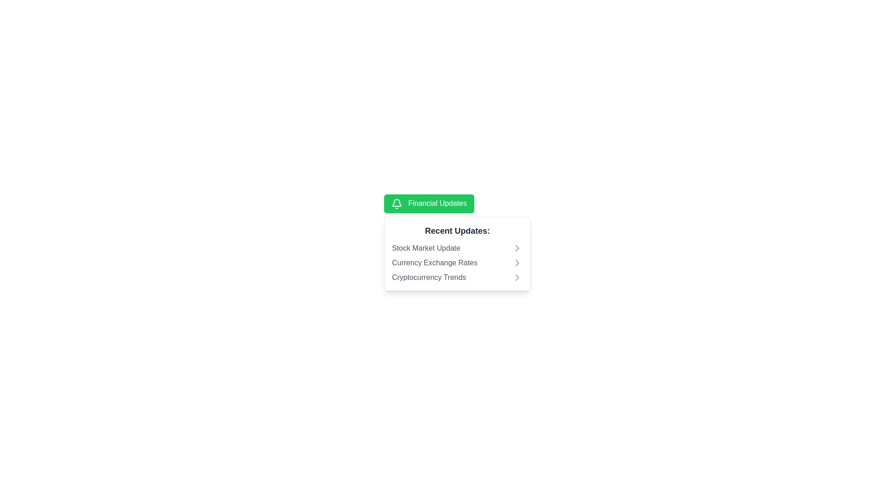  Describe the element at coordinates (429, 277) in the screenshot. I see `the text component displaying 'Cryptocurrency Trends', which is the third item in a vertical list under the 'Recent Updates:' header` at that location.